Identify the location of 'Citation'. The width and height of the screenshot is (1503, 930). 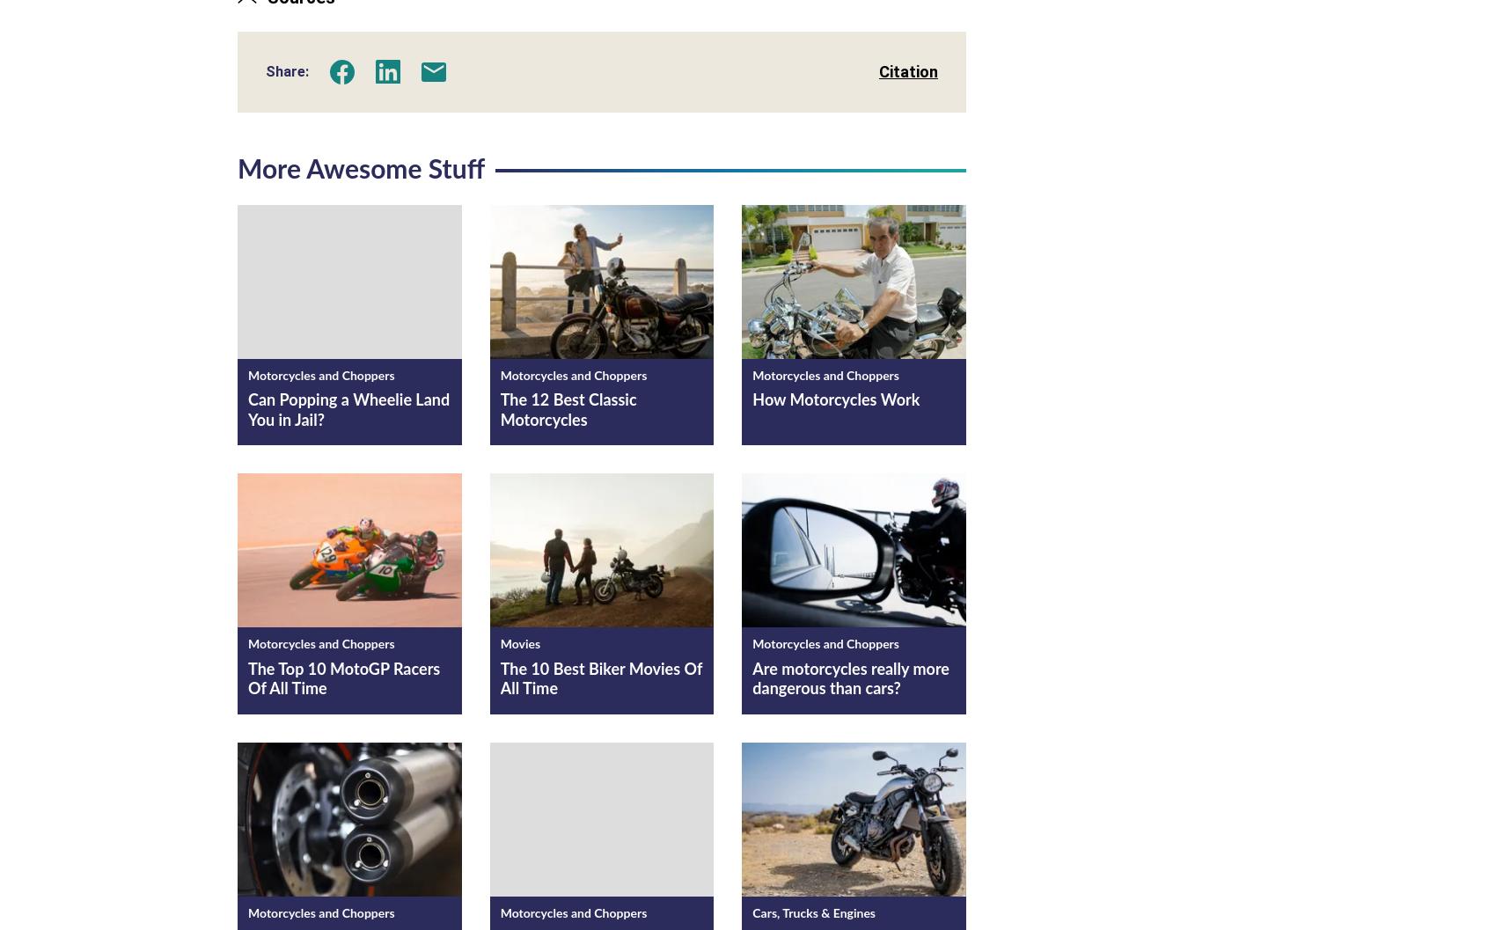
(908, 70).